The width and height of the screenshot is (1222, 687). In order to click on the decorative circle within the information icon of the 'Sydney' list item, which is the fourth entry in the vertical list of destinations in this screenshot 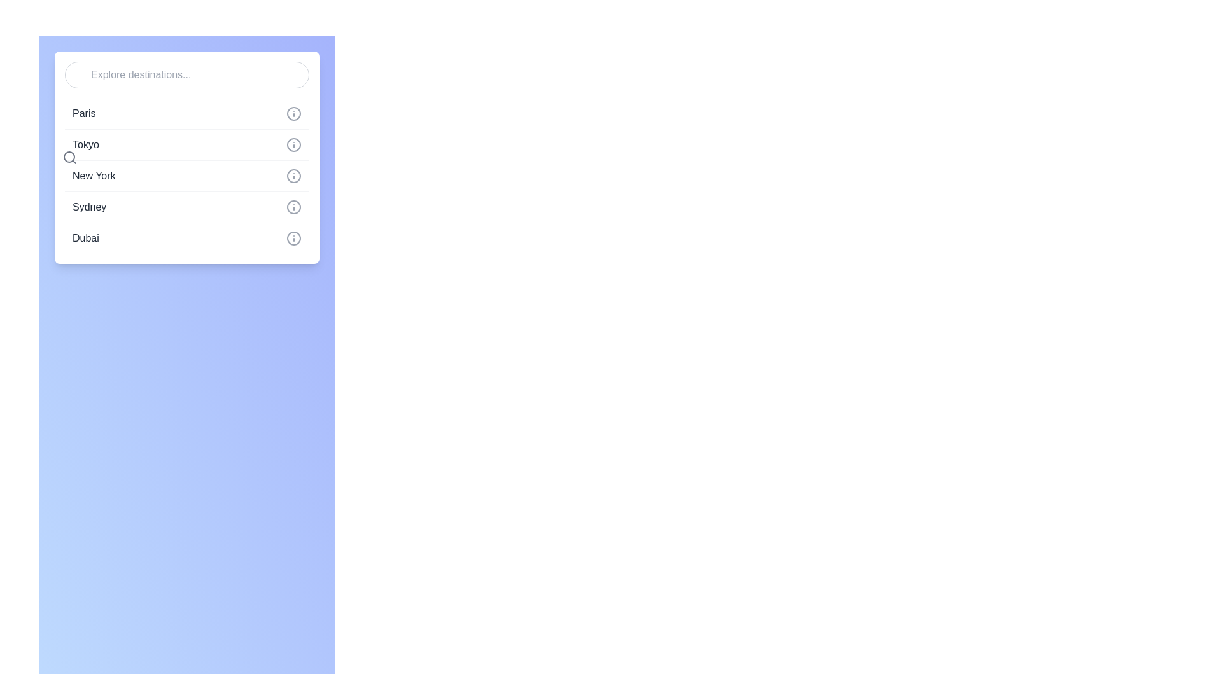, I will do `click(293, 207)`.